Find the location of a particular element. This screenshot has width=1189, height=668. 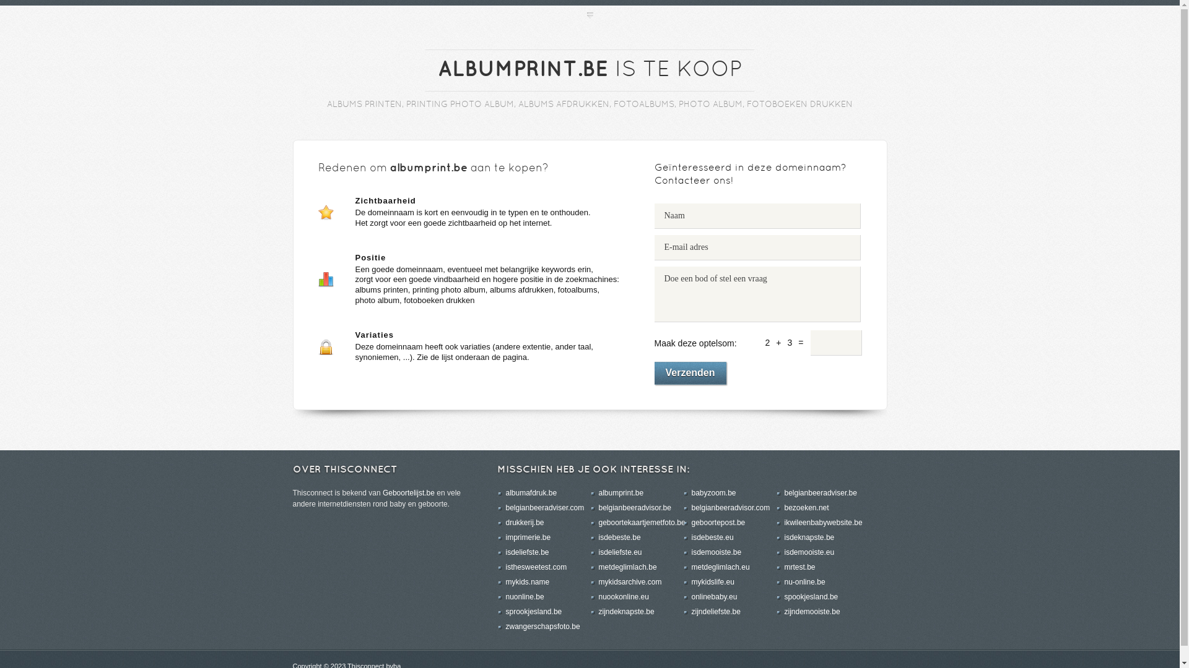

'ikwileenbabywebsite.be' is located at coordinates (783, 522).